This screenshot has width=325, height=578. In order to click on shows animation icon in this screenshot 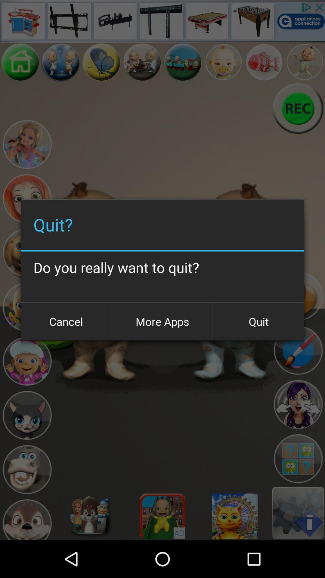, I will do `click(26, 361)`.